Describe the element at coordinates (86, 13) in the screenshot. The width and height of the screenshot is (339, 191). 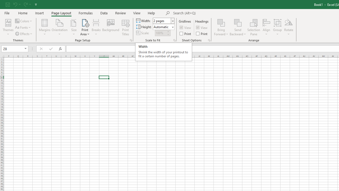
I see `'Formulas'` at that location.